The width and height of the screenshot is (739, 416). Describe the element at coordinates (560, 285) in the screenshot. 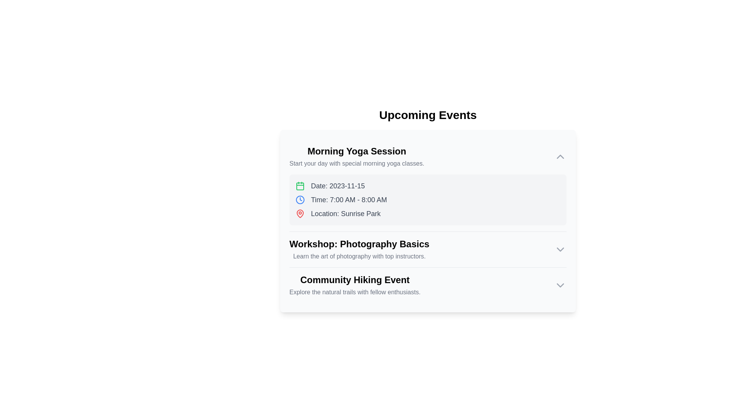

I see `the chevron dropdown toggle button located at the far right of the 'Community Hiking Event' section` at that location.